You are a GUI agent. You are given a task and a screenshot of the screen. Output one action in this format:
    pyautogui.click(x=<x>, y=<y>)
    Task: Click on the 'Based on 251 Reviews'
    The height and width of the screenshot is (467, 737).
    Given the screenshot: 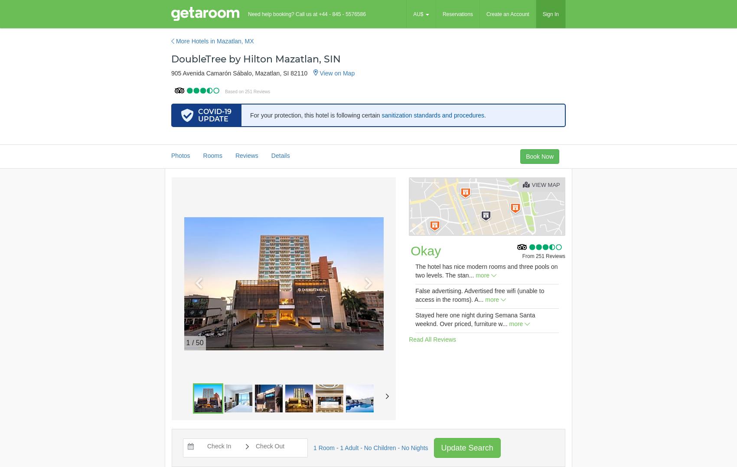 What is the action you would take?
    pyautogui.click(x=247, y=91)
    